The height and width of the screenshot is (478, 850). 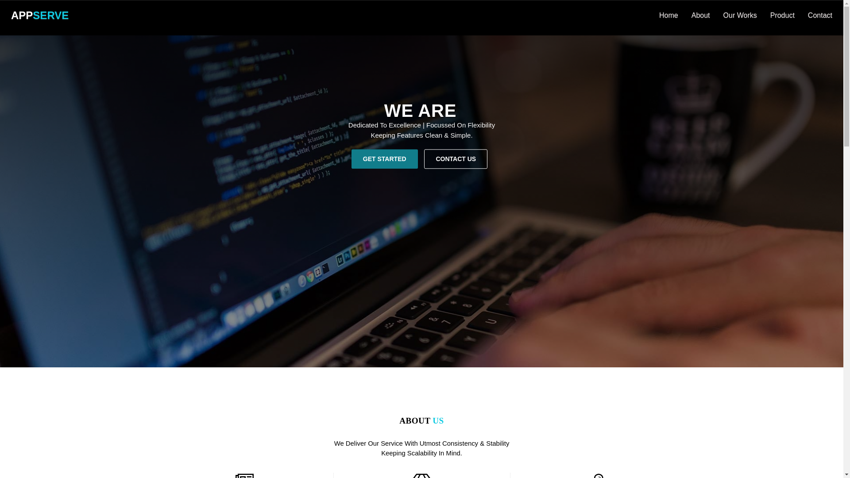 I want to click on 'About', so click(x=684, y=15).